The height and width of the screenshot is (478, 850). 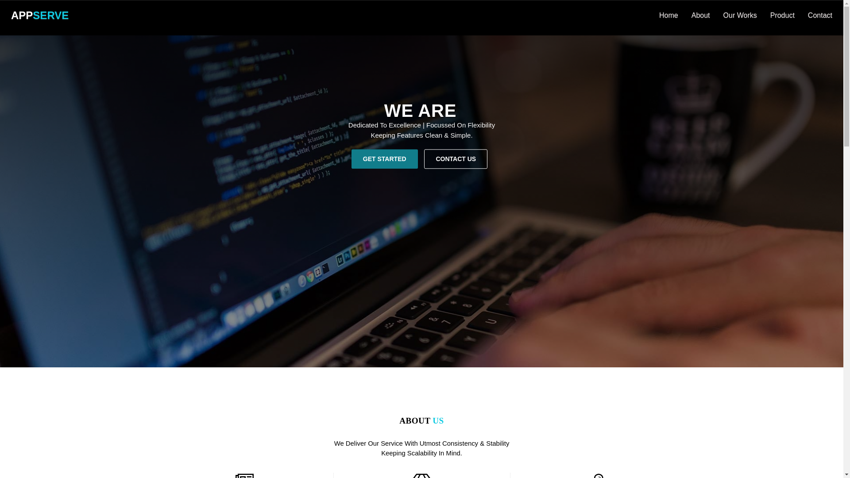 I want to click on 'About', so click(x=684, y=15).